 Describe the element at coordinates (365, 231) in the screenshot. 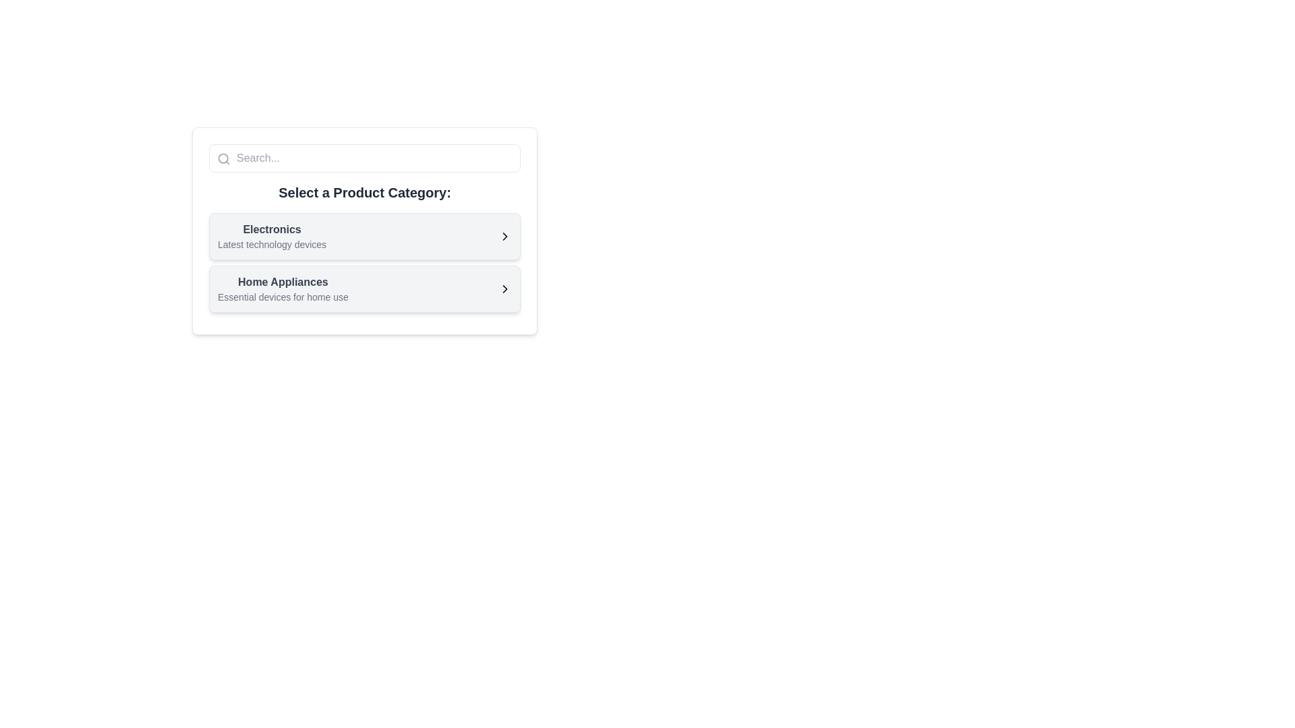

I see `the 'Electronics' category selection card, which is the first card in the 'Select a Product Category' section` at that location.